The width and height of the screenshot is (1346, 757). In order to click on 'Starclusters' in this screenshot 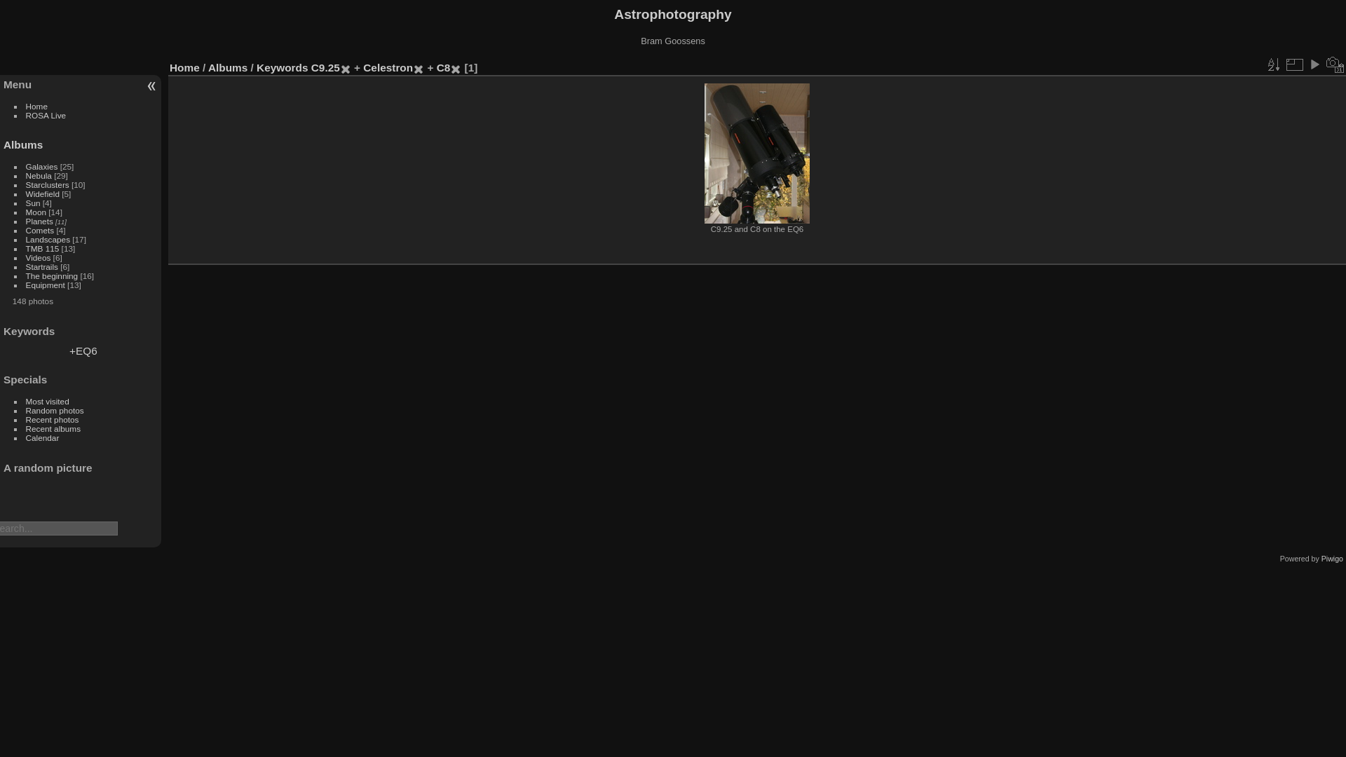, I will do `click(47, 184)`.